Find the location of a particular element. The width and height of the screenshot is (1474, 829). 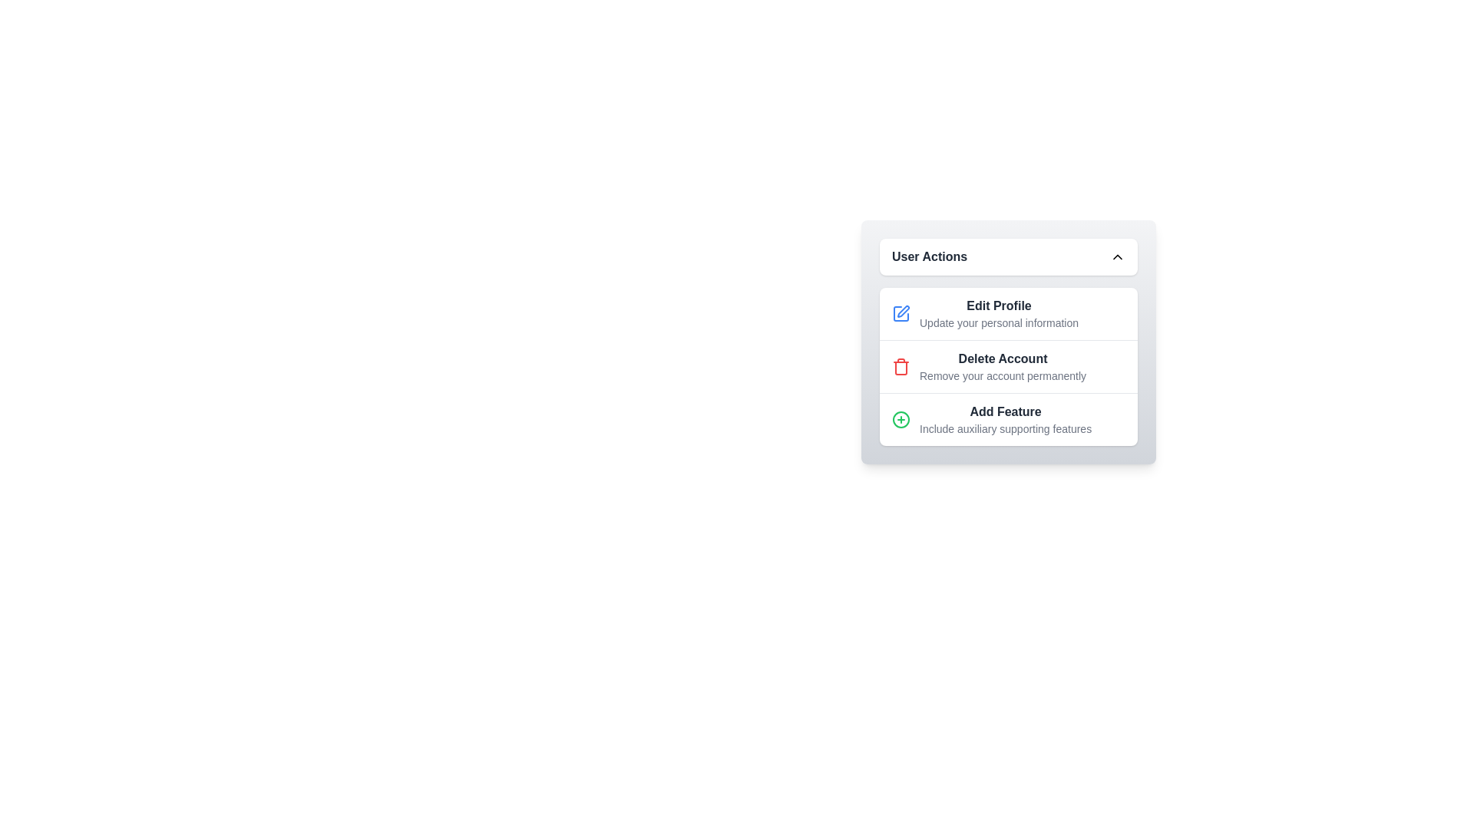

the 'Edit Profile' text element, which is the first item in the 'User Actions' list and includes a blue pencil icon to its left is located at coordinates (999, 312).